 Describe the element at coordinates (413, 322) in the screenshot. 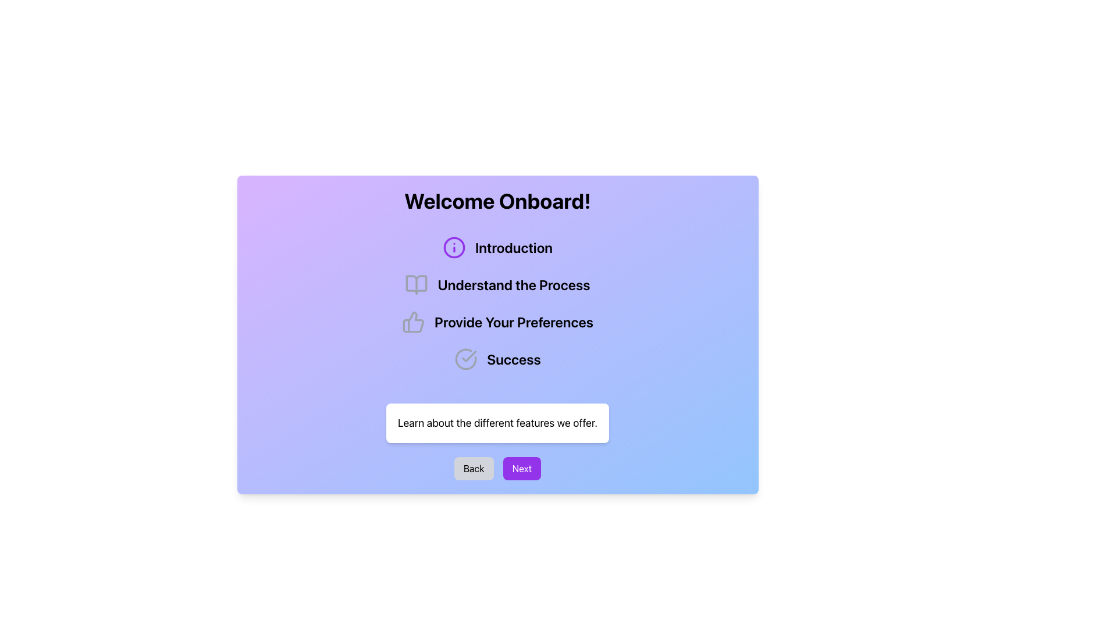

I see `the SVG icon representing a hand giving a thumbs-up, which is outlined in grey and located adjacent to the text 'Provide Your Preferences'` at that location.